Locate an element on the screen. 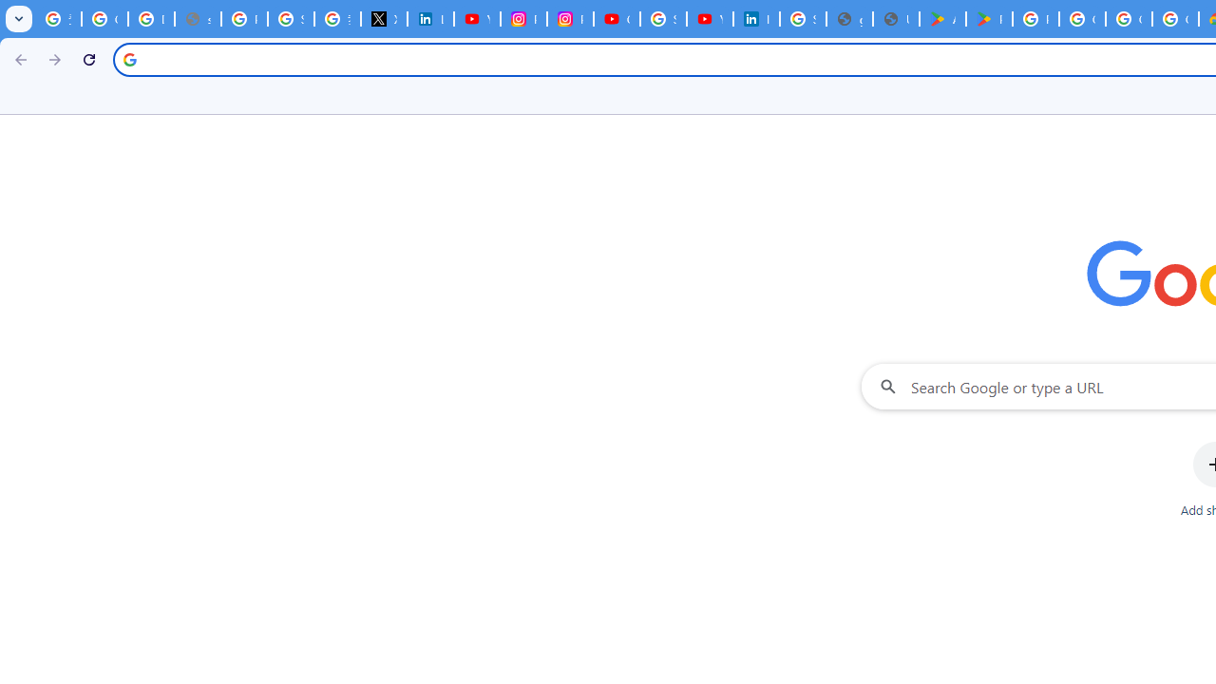  'Google Workspace - Specific Terms' is located at coordinates (1129, 19).